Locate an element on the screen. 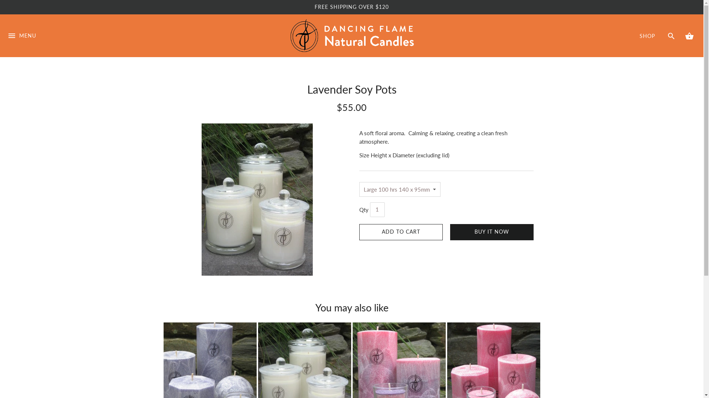 This screenshot has width=709, height=398. 'ADD TO CART' is located at coordinates (359, 231).